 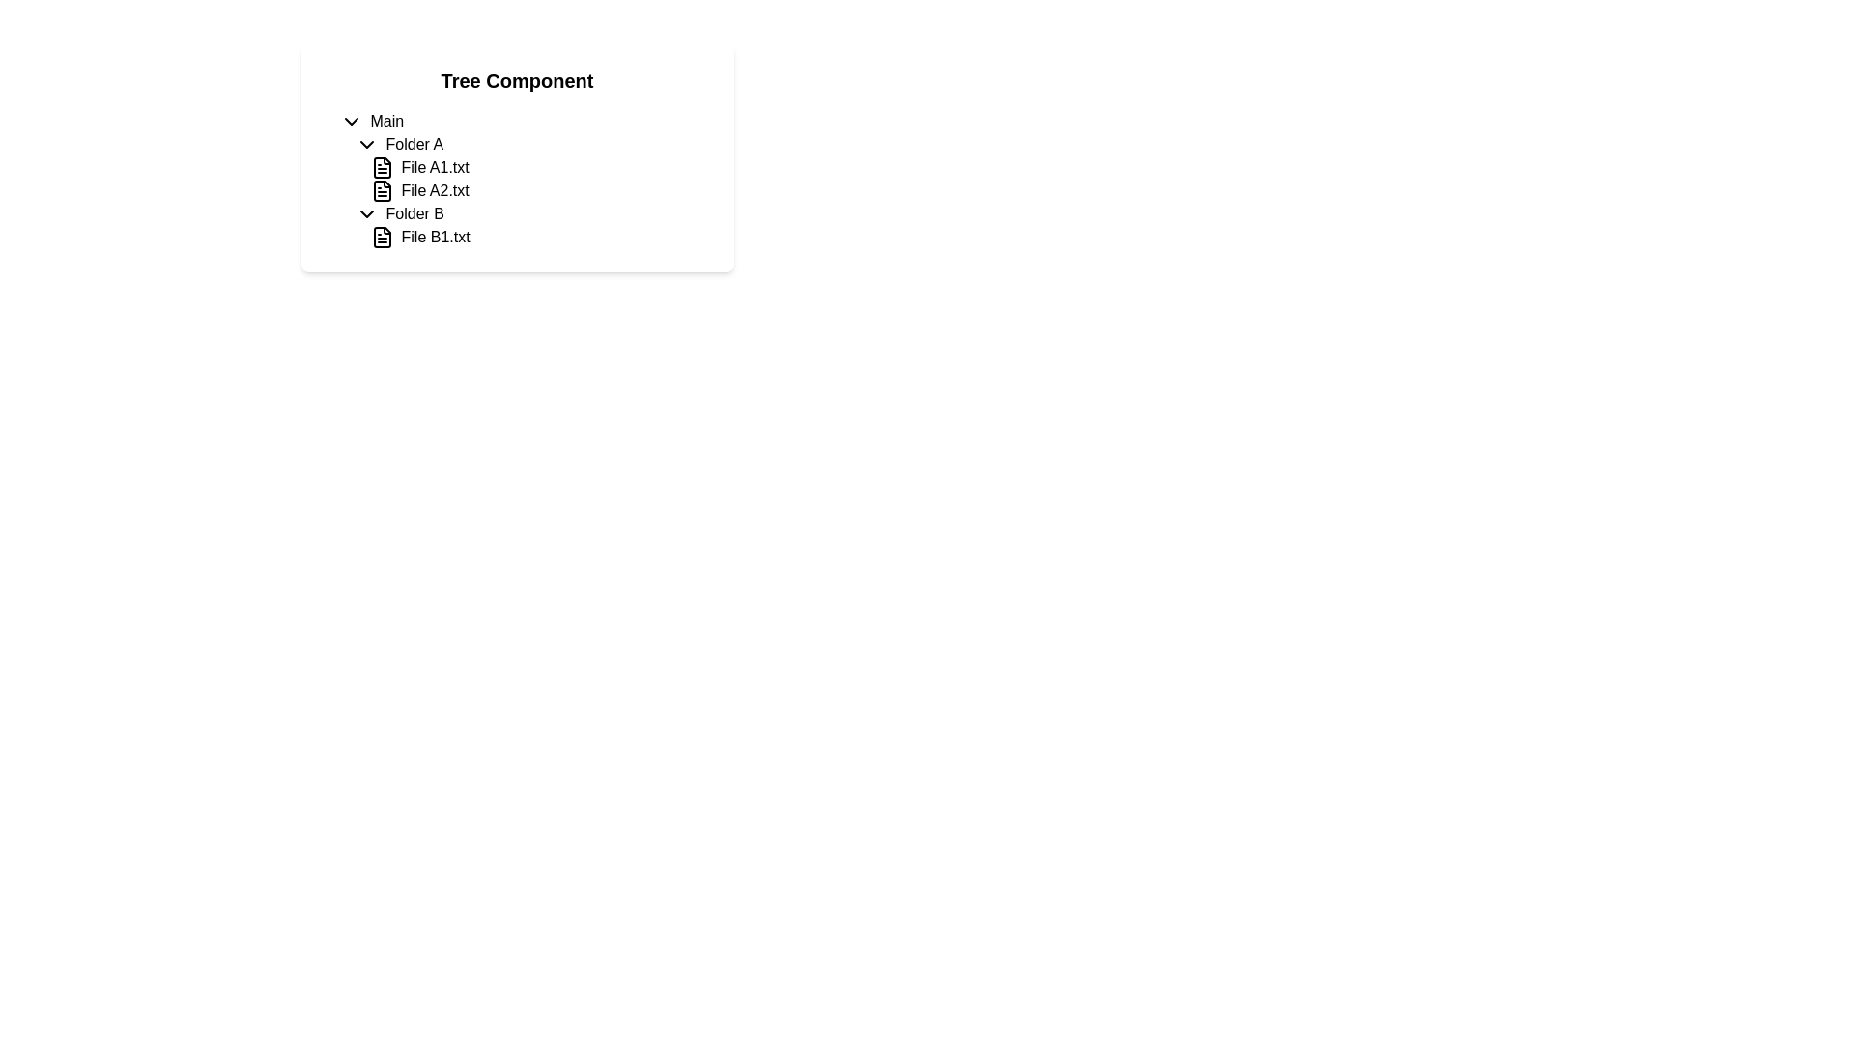 I want to click on the 'Folder A' text label, which is bolded and aligned horizontally next to a chevron icon in a tree view layout, so click(x=414, y=144).